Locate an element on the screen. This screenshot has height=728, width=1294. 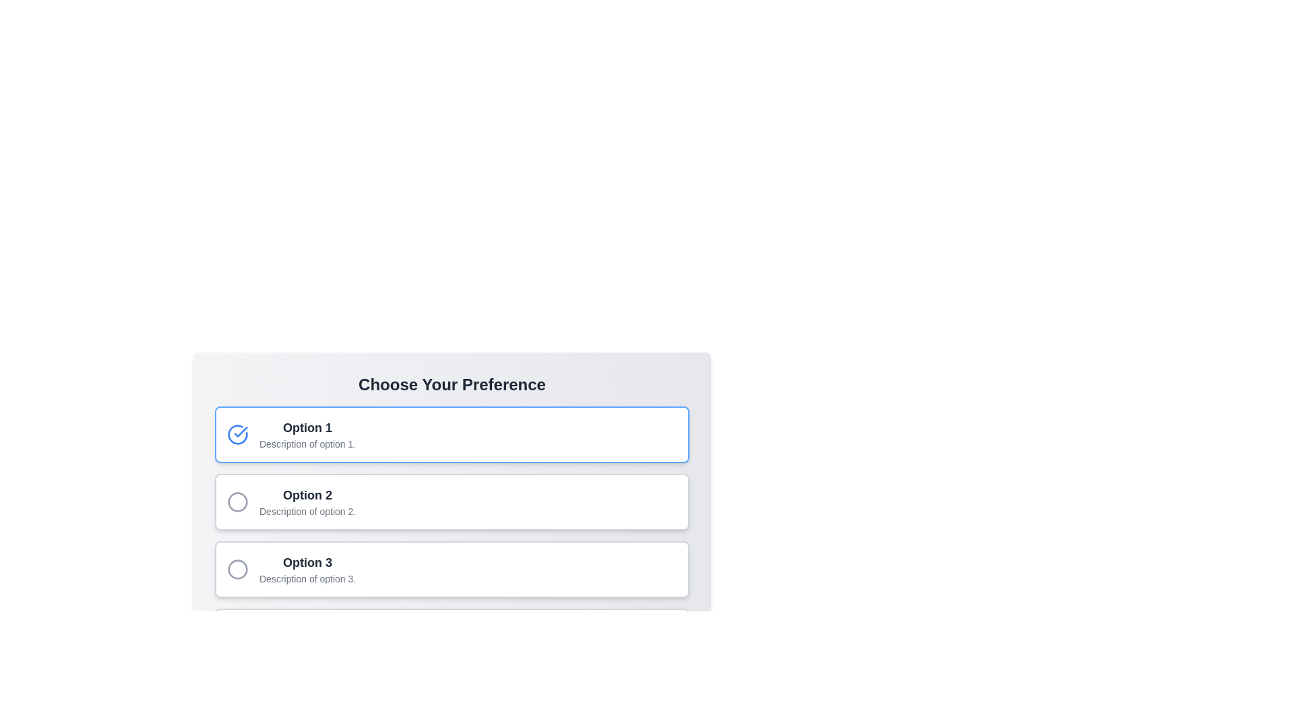
the blue circular icon with a check mark inside, which represents a completed selection, located at the left side of the first option labeled 'Option 1' is located at coordinates (238, 434).